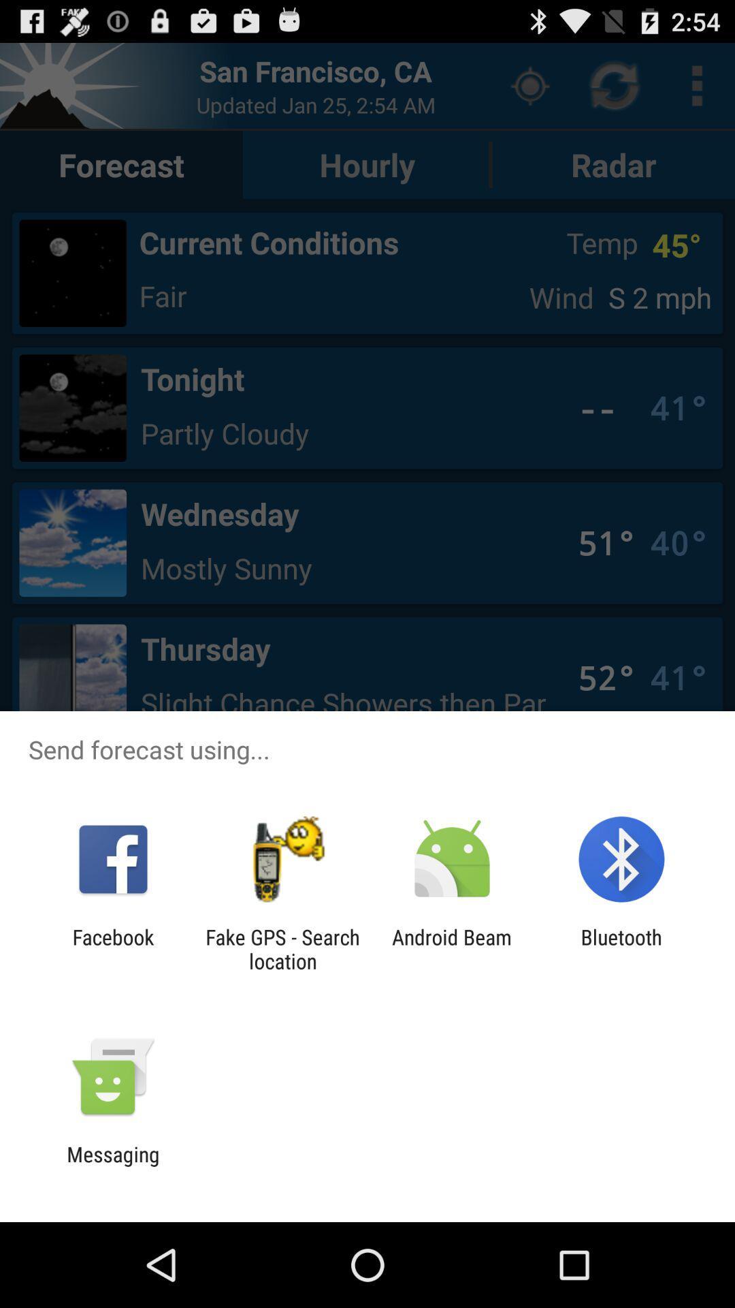 This screenshot has width=735, height=1308. What do you see at coordinates (112, 1166) in the screenshot?
I see `the messaging icon` at bounding box center [112, 1166].